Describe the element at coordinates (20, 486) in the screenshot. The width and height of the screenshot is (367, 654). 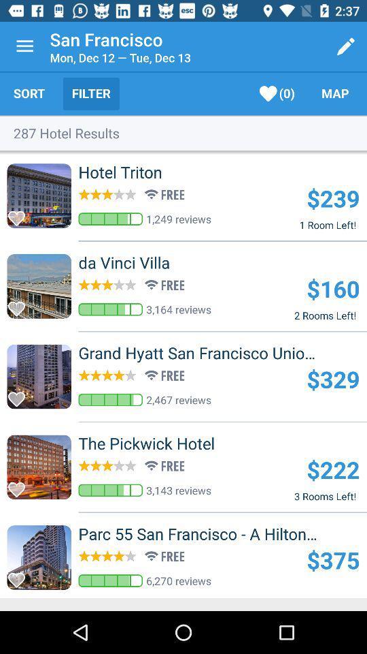
I see `likes a place` at that location.